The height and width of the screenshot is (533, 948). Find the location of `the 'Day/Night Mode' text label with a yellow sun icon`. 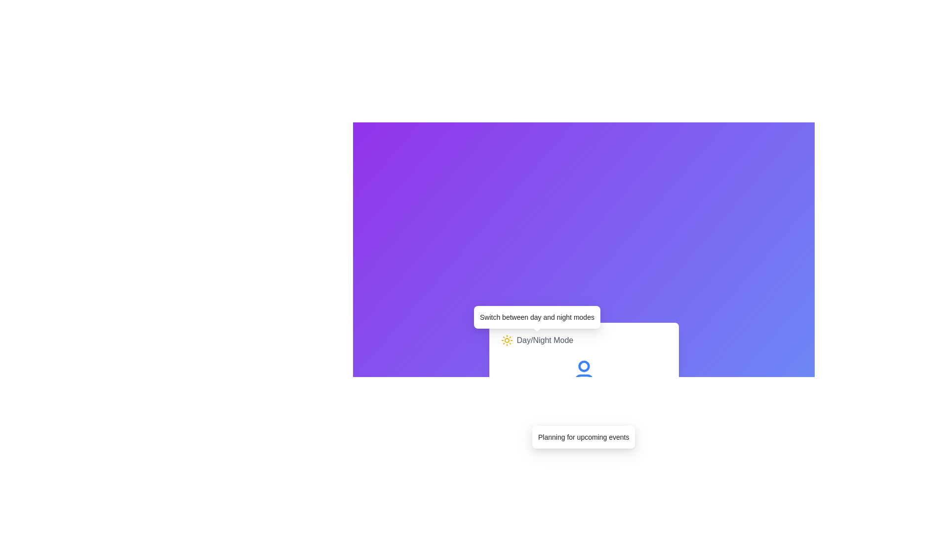

the 'Day/Night Mode' text label with a yellow sun icon is located at coordinates (536, 340).